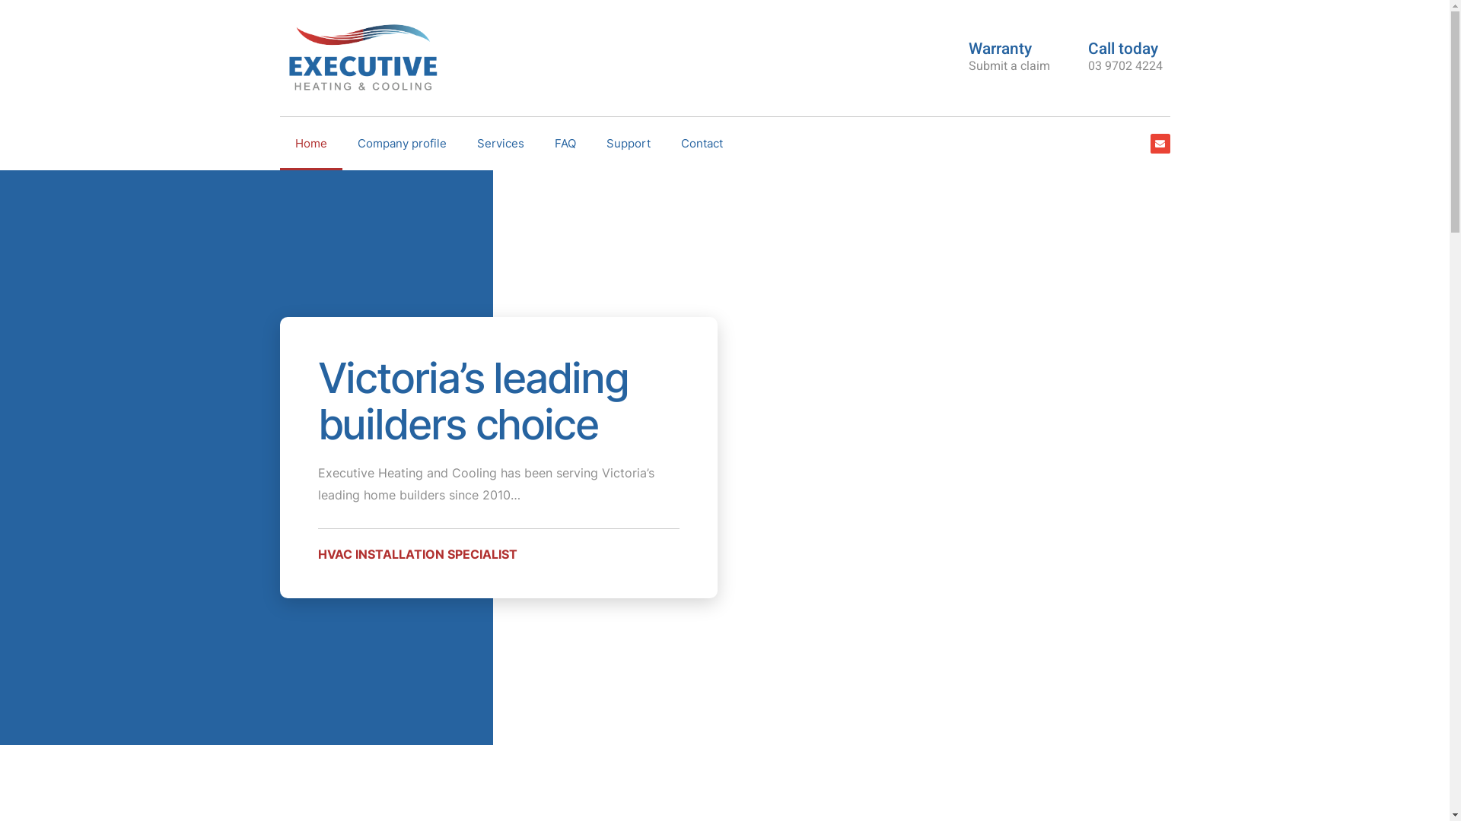 Image resolution: width=1461 pixels, height=821 pixels. What do you see at coordinates (628, 144) in the screenshot?
I see `'Support'` at bounding box center [628, 144].